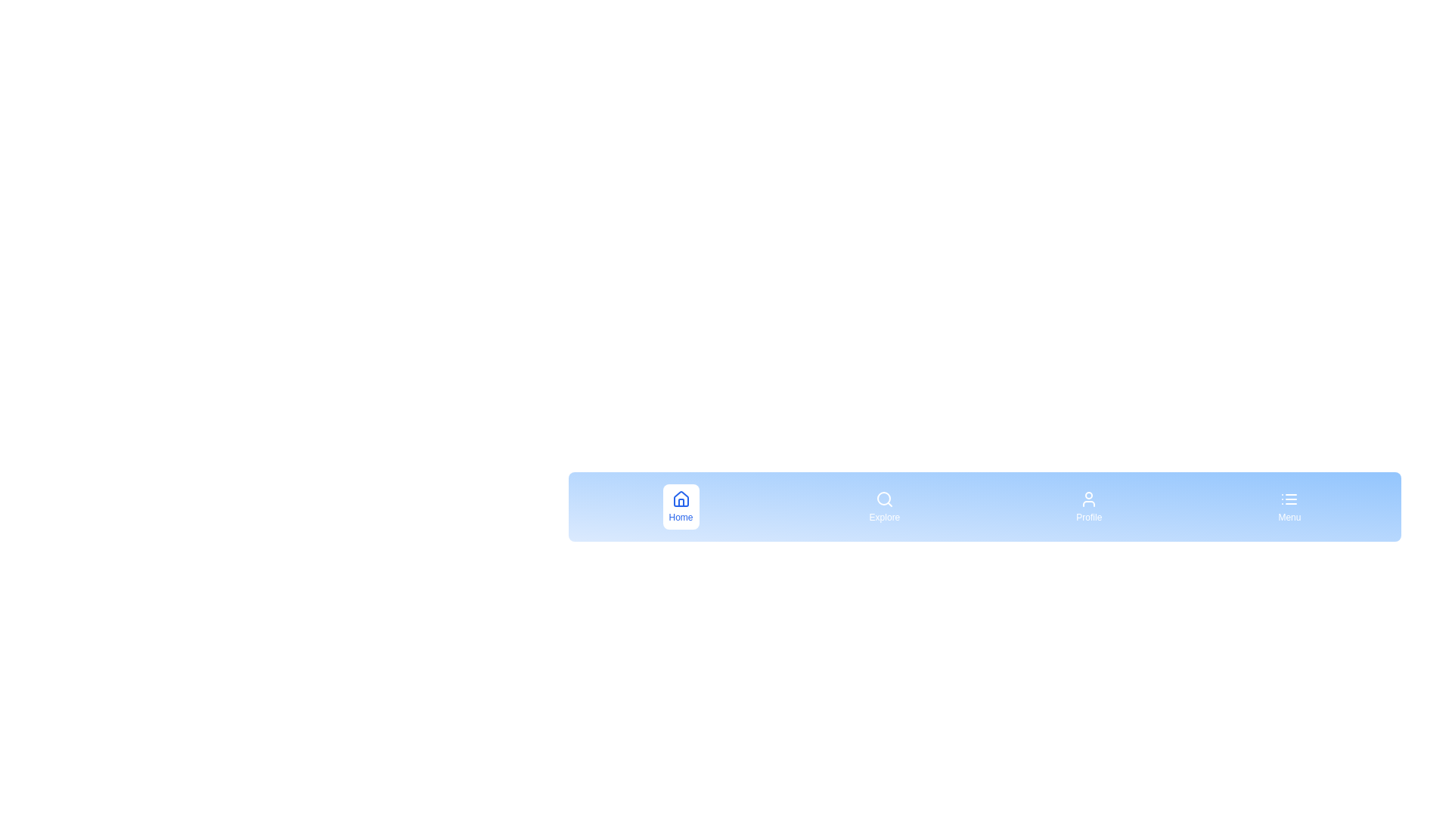 Image resolution: width=1452 pixels, height=816 pixels. What do you see at coordinates (1288, 507) in the screenshot?
I see `the Menu button to observe the hover effect` at bounding box center [1288, 507].